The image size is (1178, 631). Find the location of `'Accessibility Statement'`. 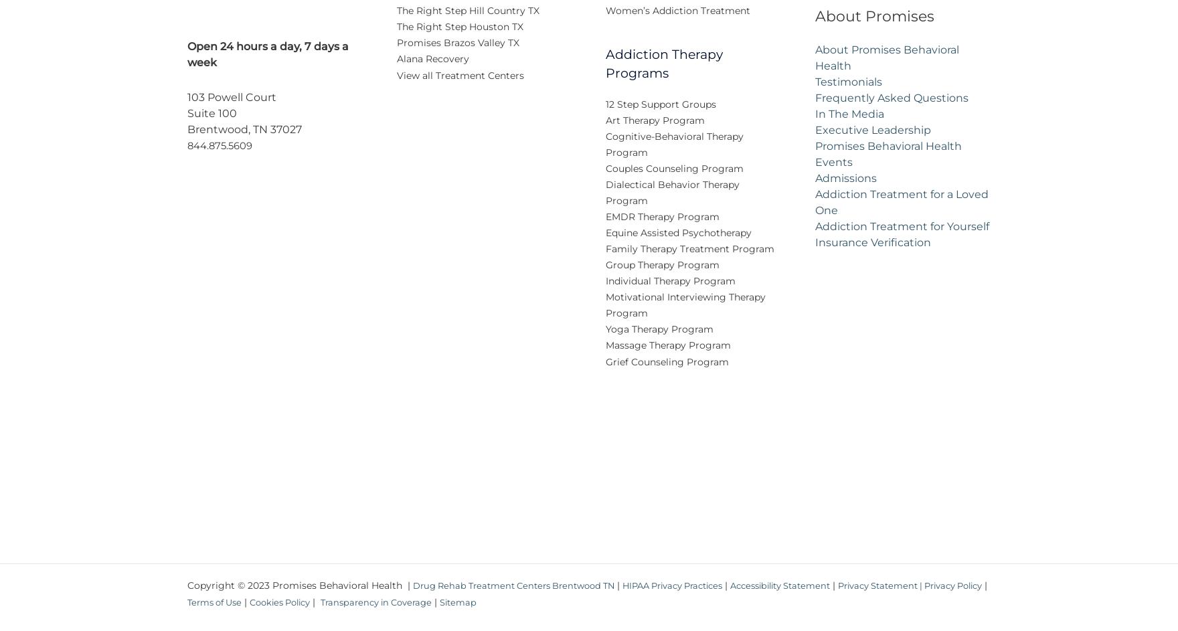

'Accessibility Statement' is located at coordinates (815, 594).